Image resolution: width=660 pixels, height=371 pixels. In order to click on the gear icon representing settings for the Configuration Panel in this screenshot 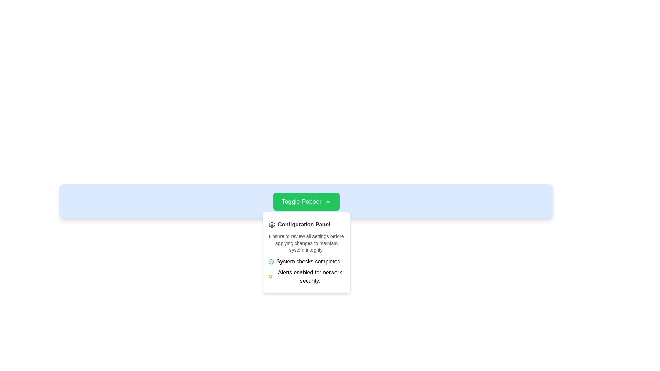, I will do `click(271, 225)`.